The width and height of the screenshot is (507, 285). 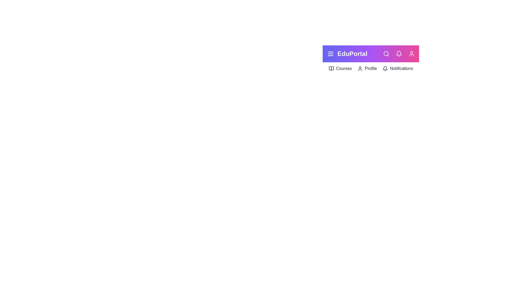 What do you see at coordinates (367, 68) in the screenshot?
I see `the menu item Profile to navigate to the respective section` at bounding box center [367, 68].